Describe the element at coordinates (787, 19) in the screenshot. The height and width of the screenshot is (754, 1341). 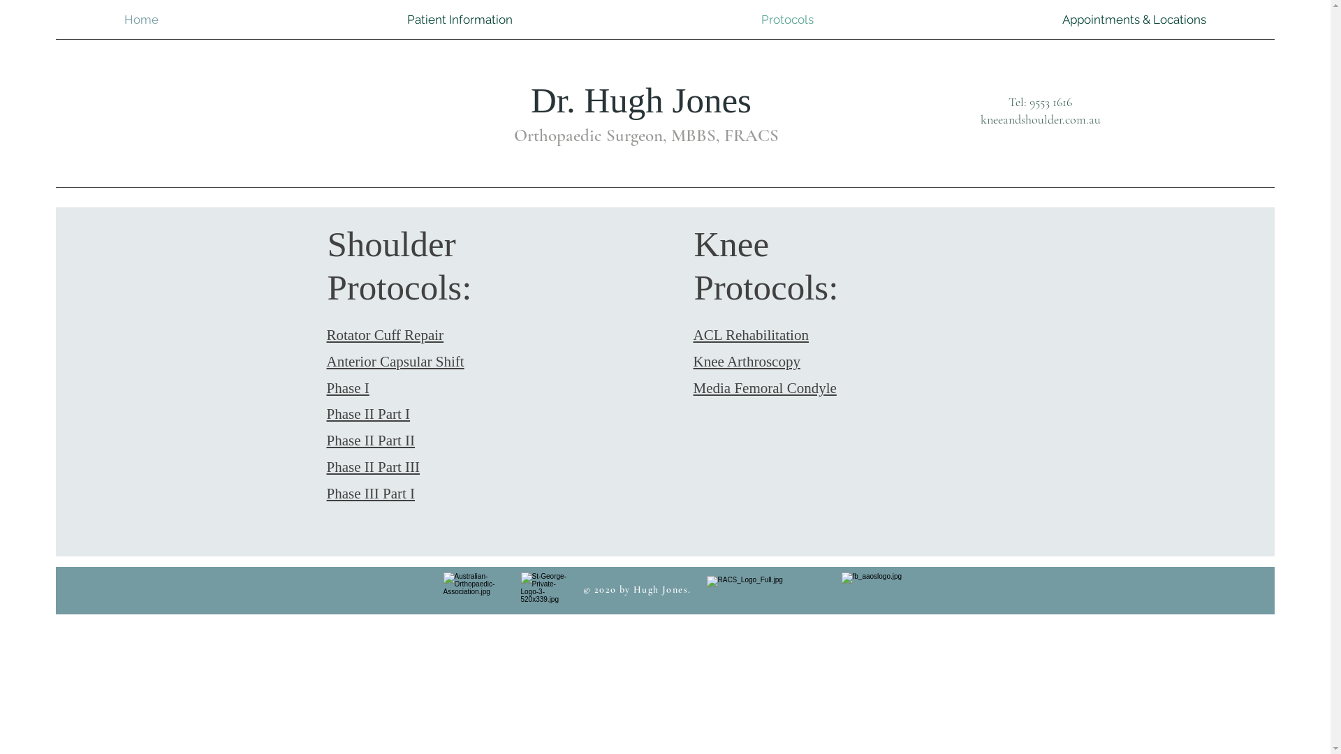
I see `'Protocols'` at that location.